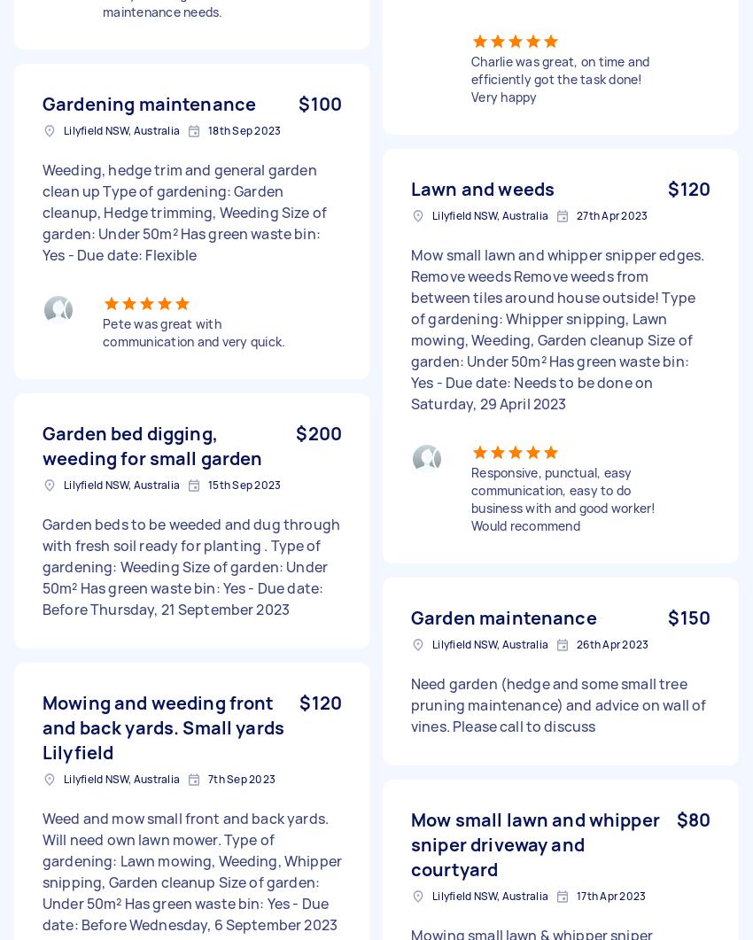 The image size is (753, 940). Describe the element at coordinates (151, 446) in the screenshot. I see `'Garden bed digging, weeding for small garden'` at that location.